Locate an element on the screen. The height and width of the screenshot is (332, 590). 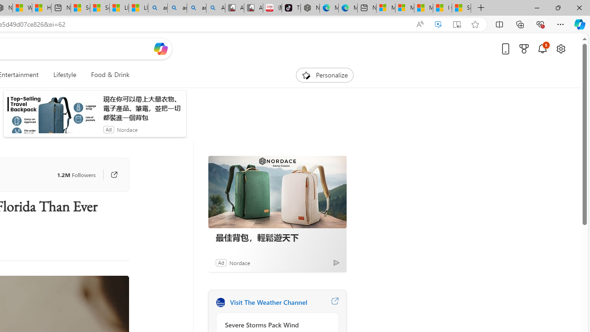
'Split screen' is located at coordinates (499, 24).